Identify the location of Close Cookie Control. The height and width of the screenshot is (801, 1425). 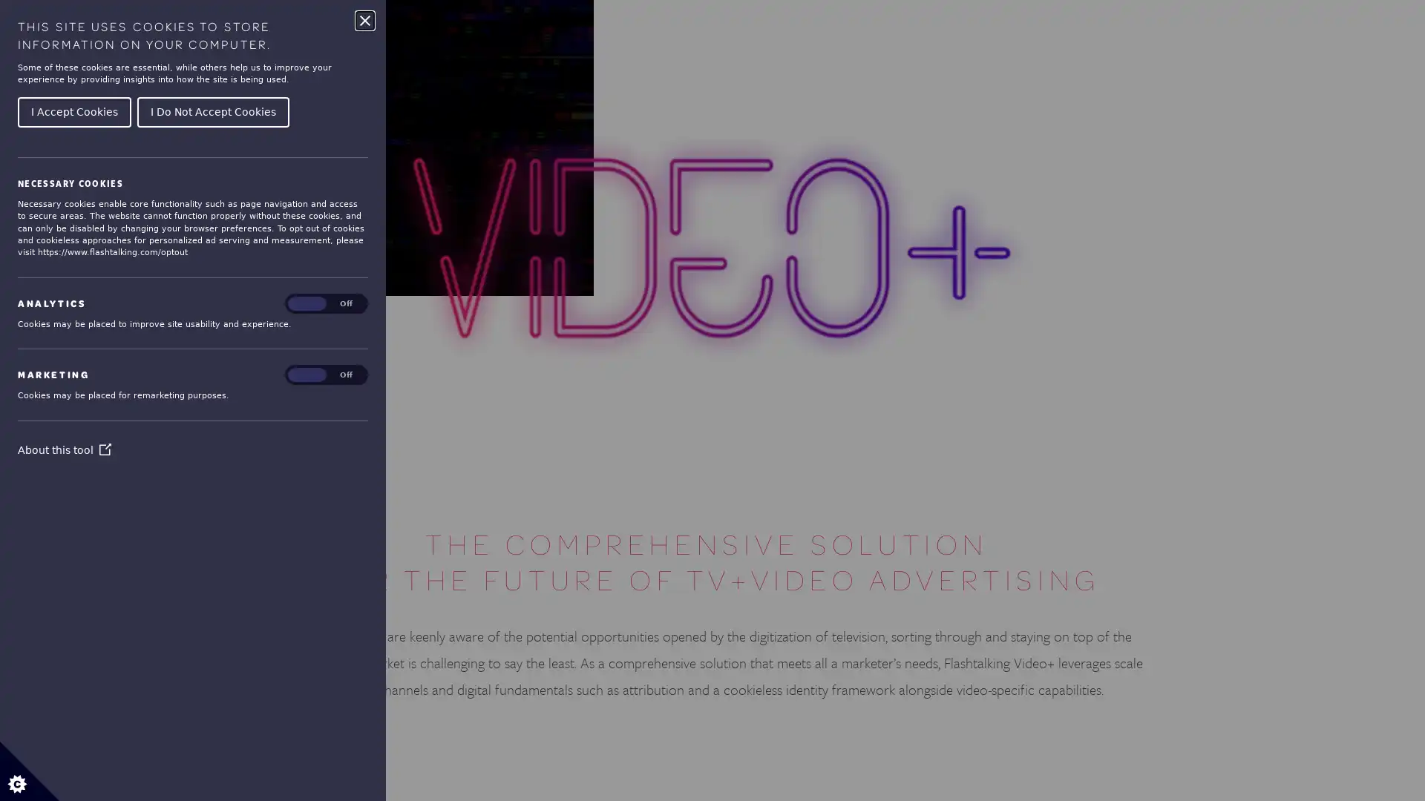
(364, 20).